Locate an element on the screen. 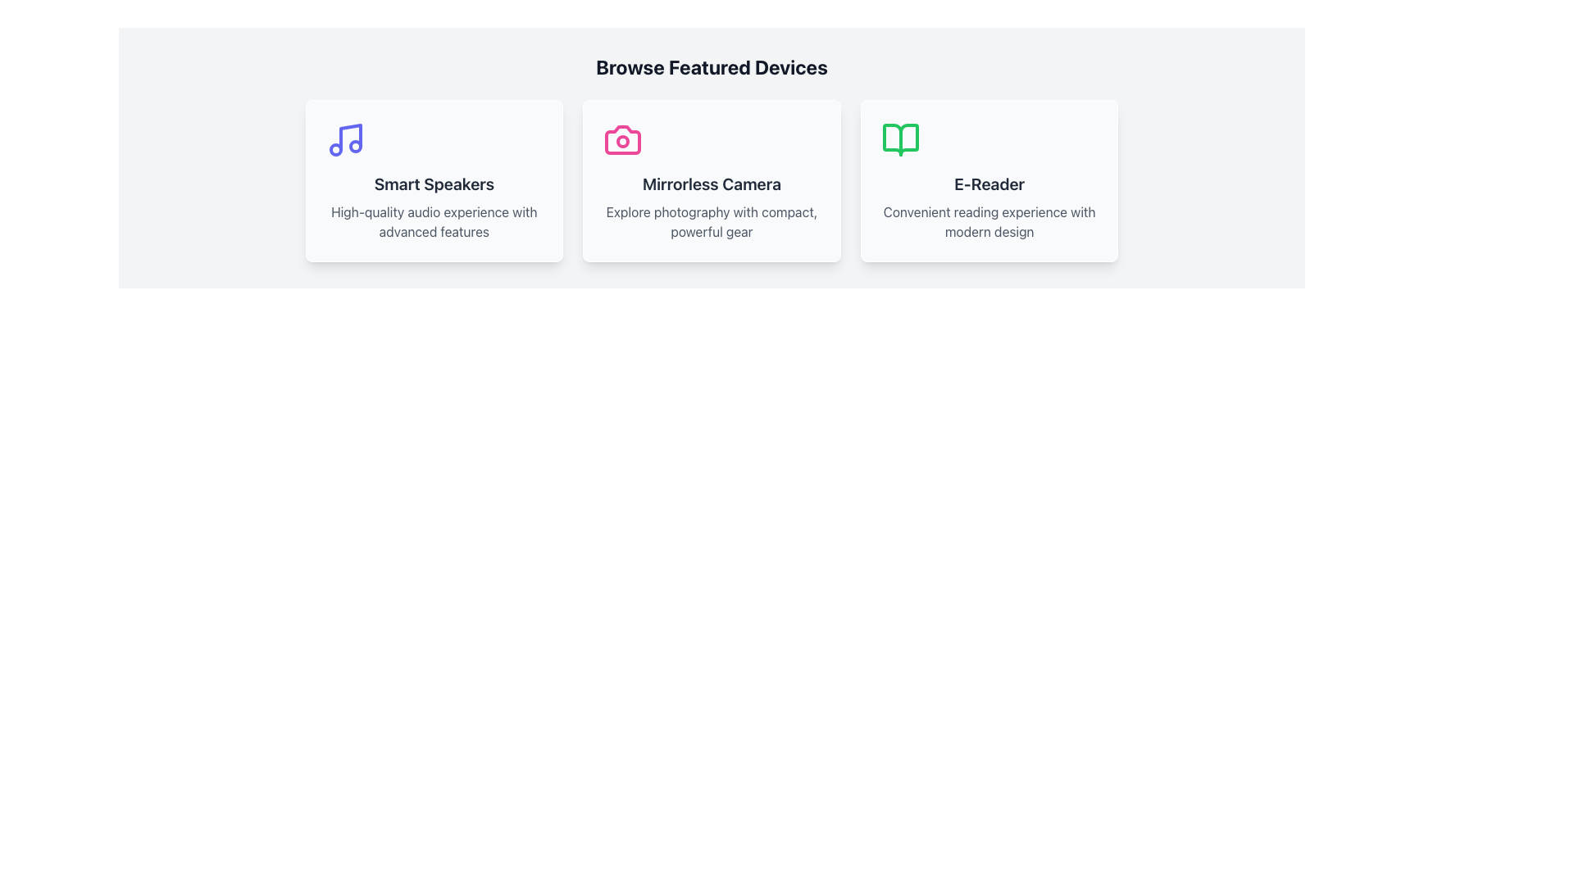  the stylized camera icon with a pink outline and circular lens, located above the 'Mirrorless Camera' card in the 'Browse Featured Devices' section is located at coordinates (622, 138).